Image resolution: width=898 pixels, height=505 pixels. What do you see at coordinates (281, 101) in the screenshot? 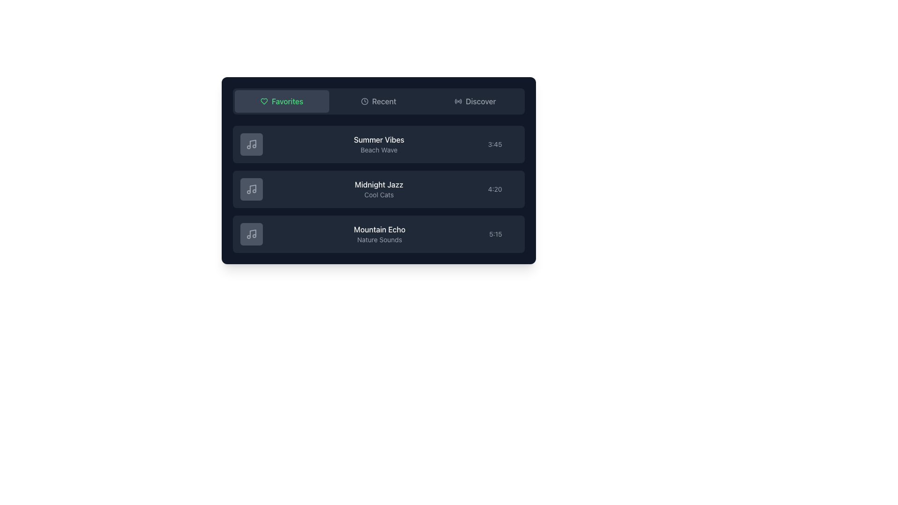
I see `the button labeled 'Favorites', which has a dark gray rounded background and green text` at bounding box center [281, 101].